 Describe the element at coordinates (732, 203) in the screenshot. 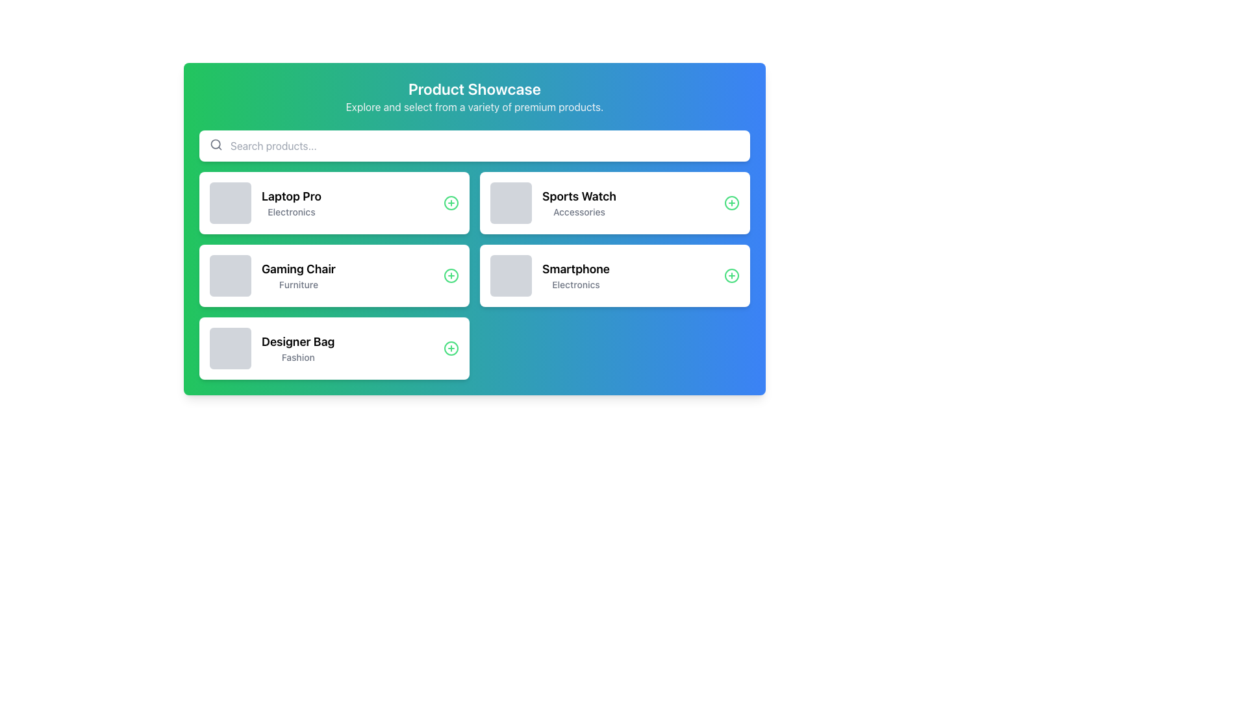

I see `the circular part of the '+' icon located inside the 'Sports Watch' card in the right column of the interface grid` at that location.